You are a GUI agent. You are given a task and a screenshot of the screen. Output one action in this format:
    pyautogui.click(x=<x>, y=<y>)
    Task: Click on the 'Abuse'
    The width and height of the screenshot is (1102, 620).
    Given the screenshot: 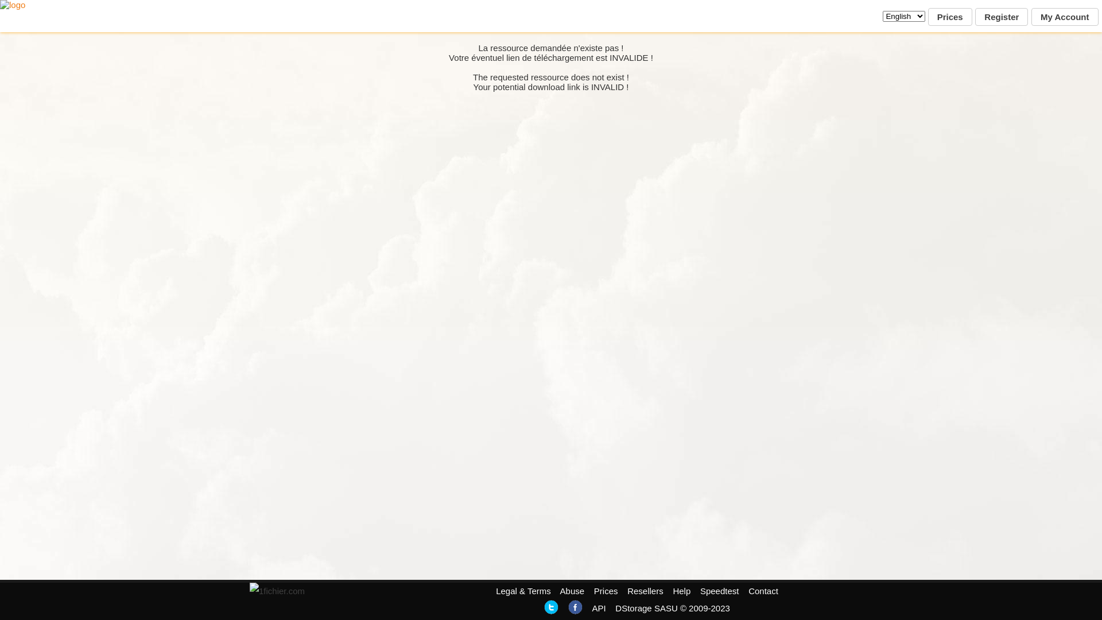 What is the action you would take?
    pyautogui.click(x=560, y=591)
    